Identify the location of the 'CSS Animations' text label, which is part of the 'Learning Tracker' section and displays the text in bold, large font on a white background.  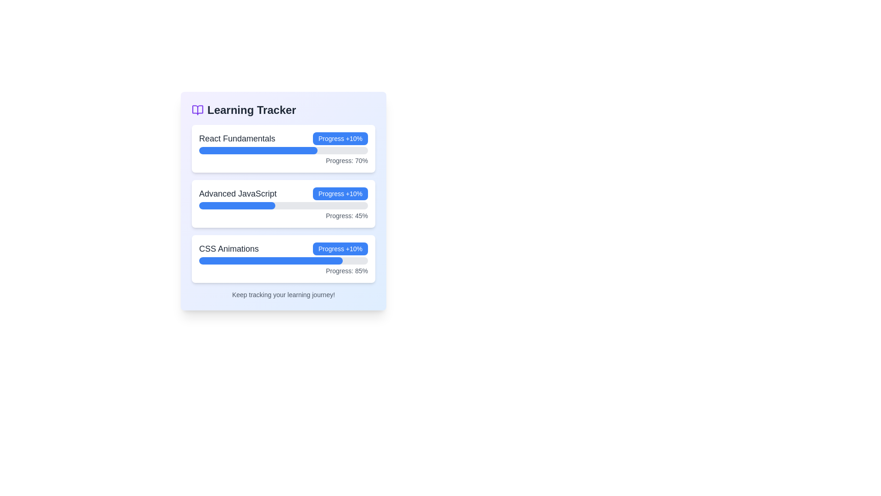
(229, 249).